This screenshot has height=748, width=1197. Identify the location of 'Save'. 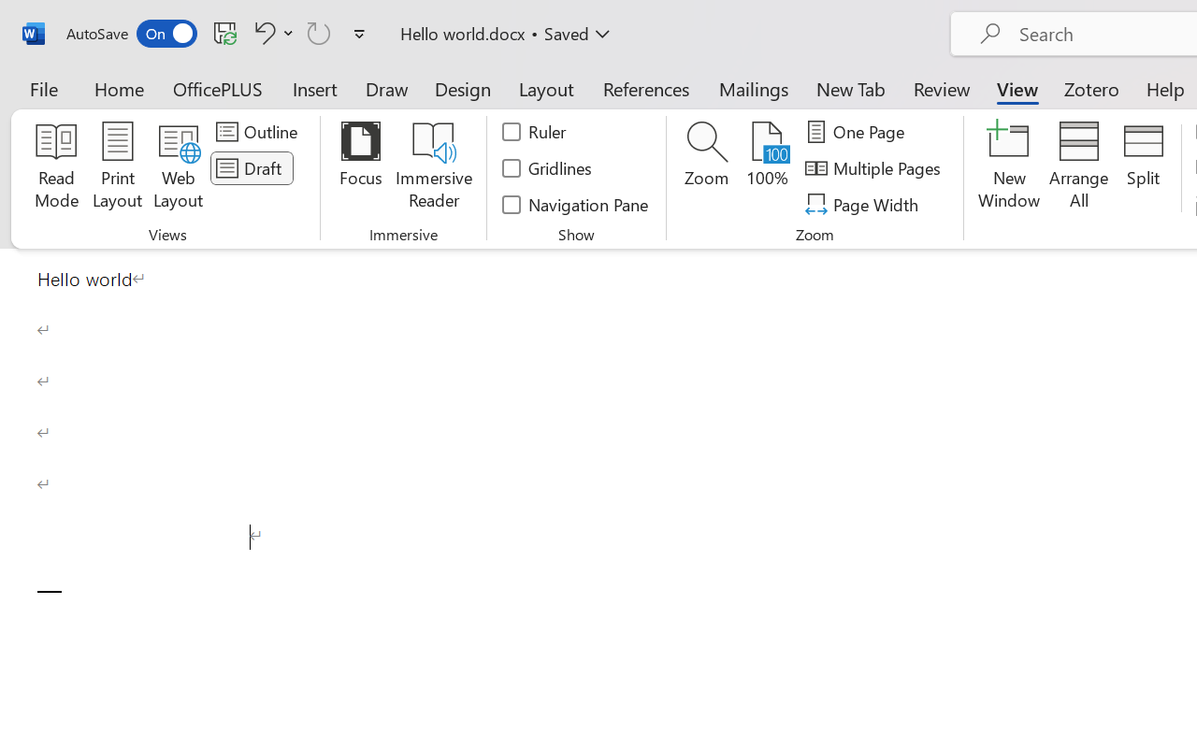
(224, 32).